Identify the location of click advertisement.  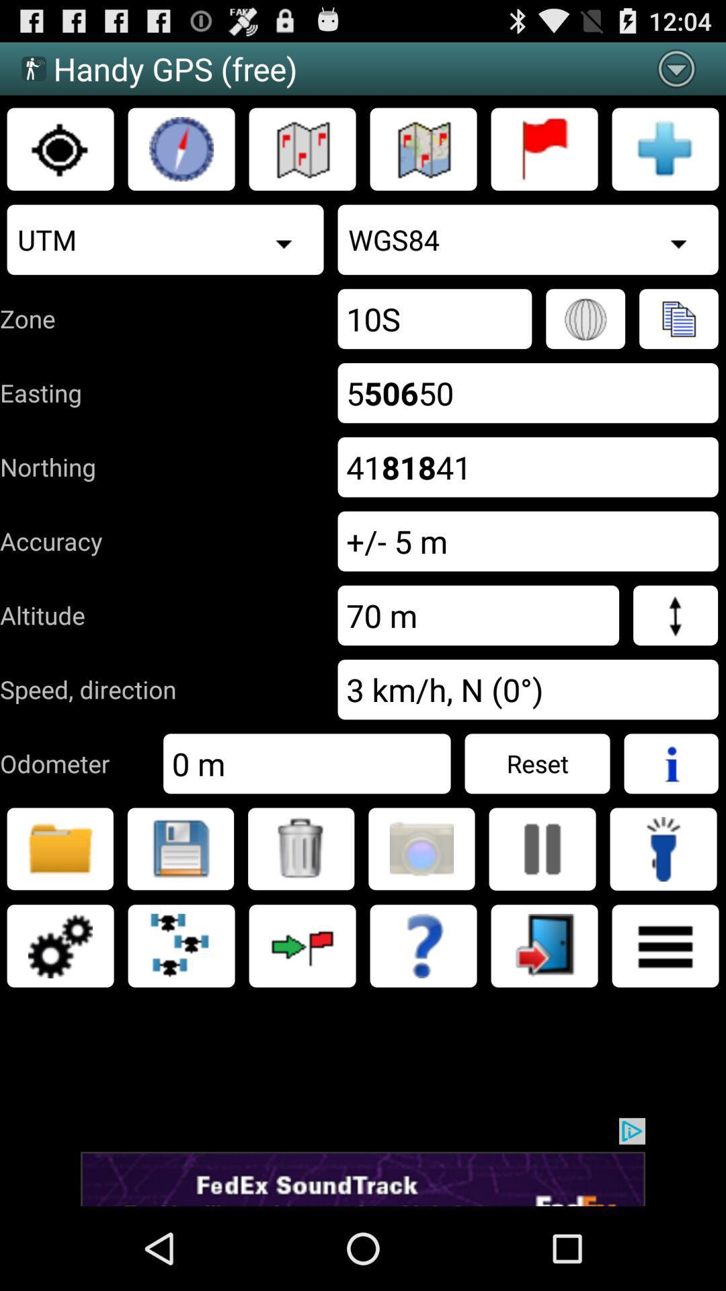
(363, 1161).